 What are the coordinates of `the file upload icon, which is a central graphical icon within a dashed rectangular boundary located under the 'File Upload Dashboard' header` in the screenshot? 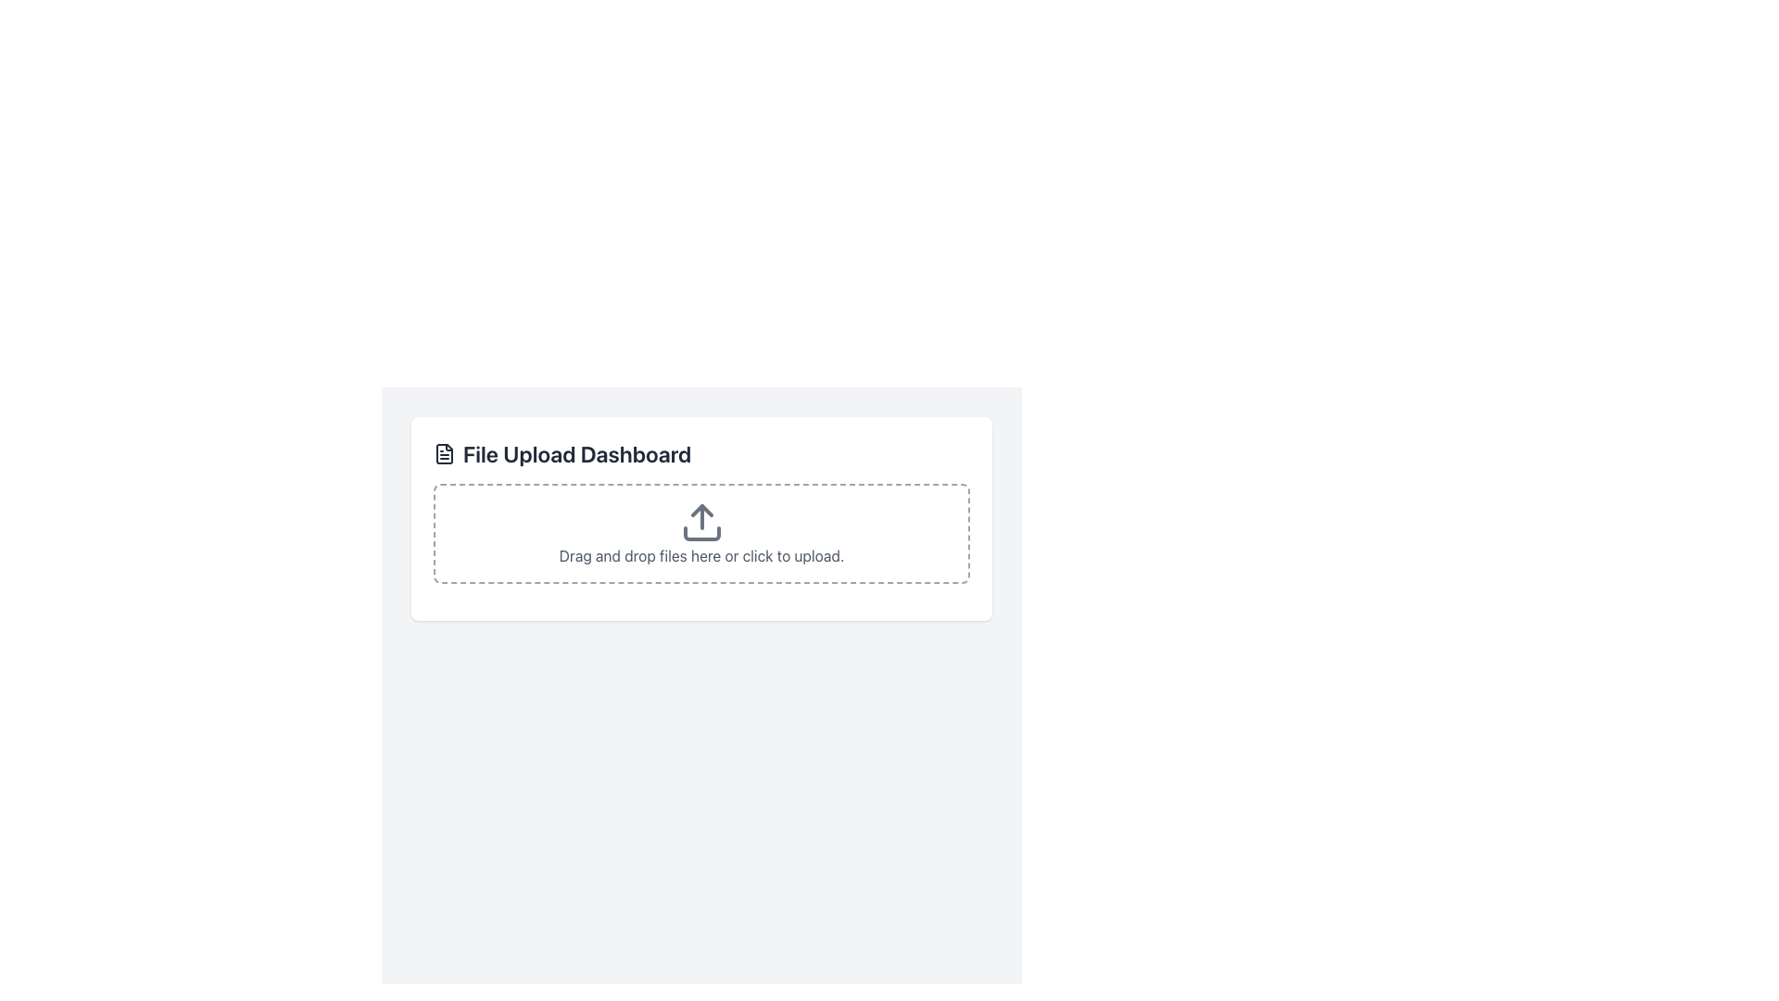 It's located at (700, 522).